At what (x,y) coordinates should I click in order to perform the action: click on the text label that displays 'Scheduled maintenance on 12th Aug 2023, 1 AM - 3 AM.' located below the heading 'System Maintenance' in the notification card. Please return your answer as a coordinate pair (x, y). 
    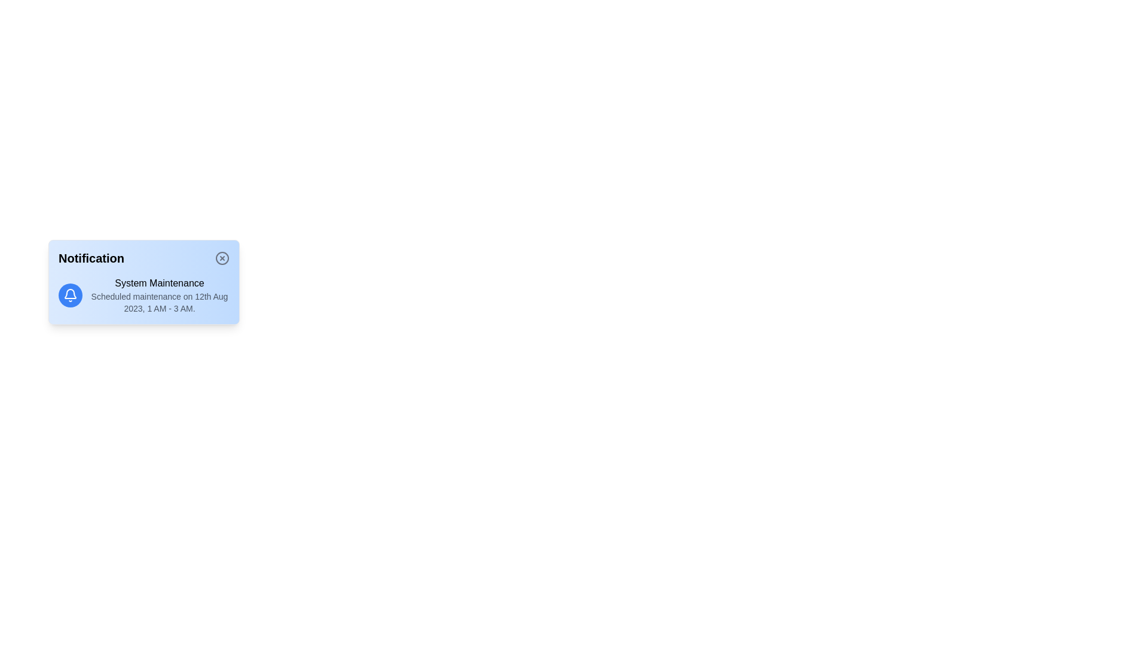
    Looking at the image, I should click on (159, 301).